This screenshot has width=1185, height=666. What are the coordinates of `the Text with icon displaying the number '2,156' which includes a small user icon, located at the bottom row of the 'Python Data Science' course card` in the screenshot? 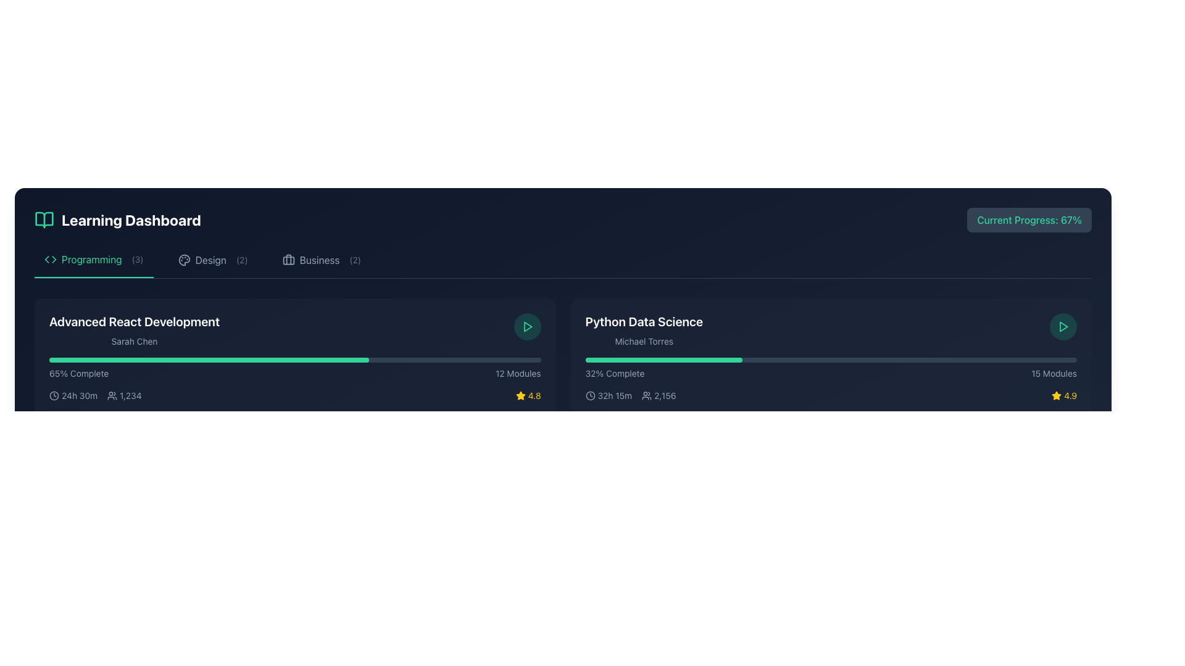 It's located at (658, 395).